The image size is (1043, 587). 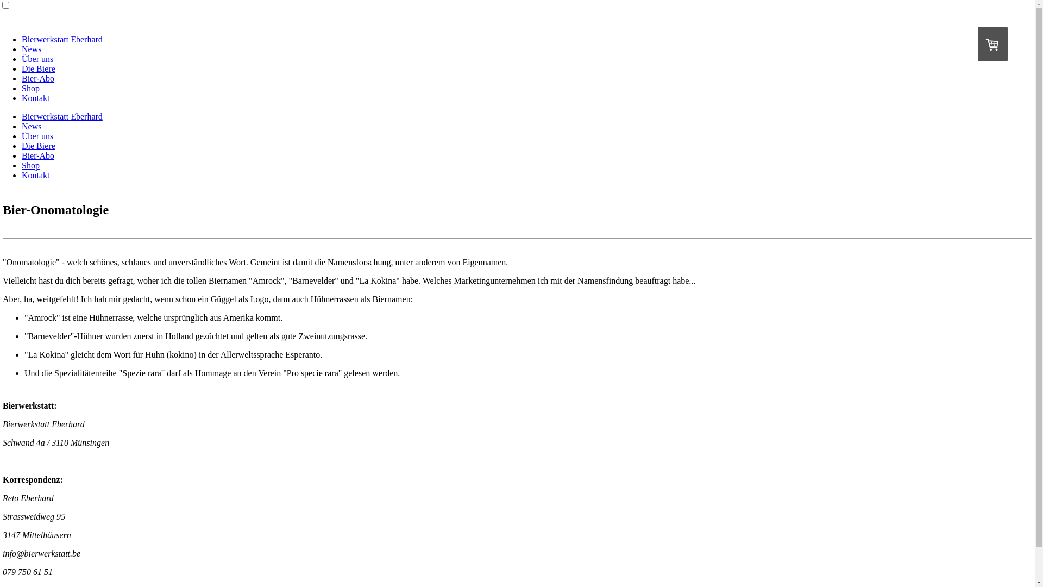 What do you see at coordinates (21, 68) in the screenshot?
I see `'Die Biere'` at bounding box center [21, 68].